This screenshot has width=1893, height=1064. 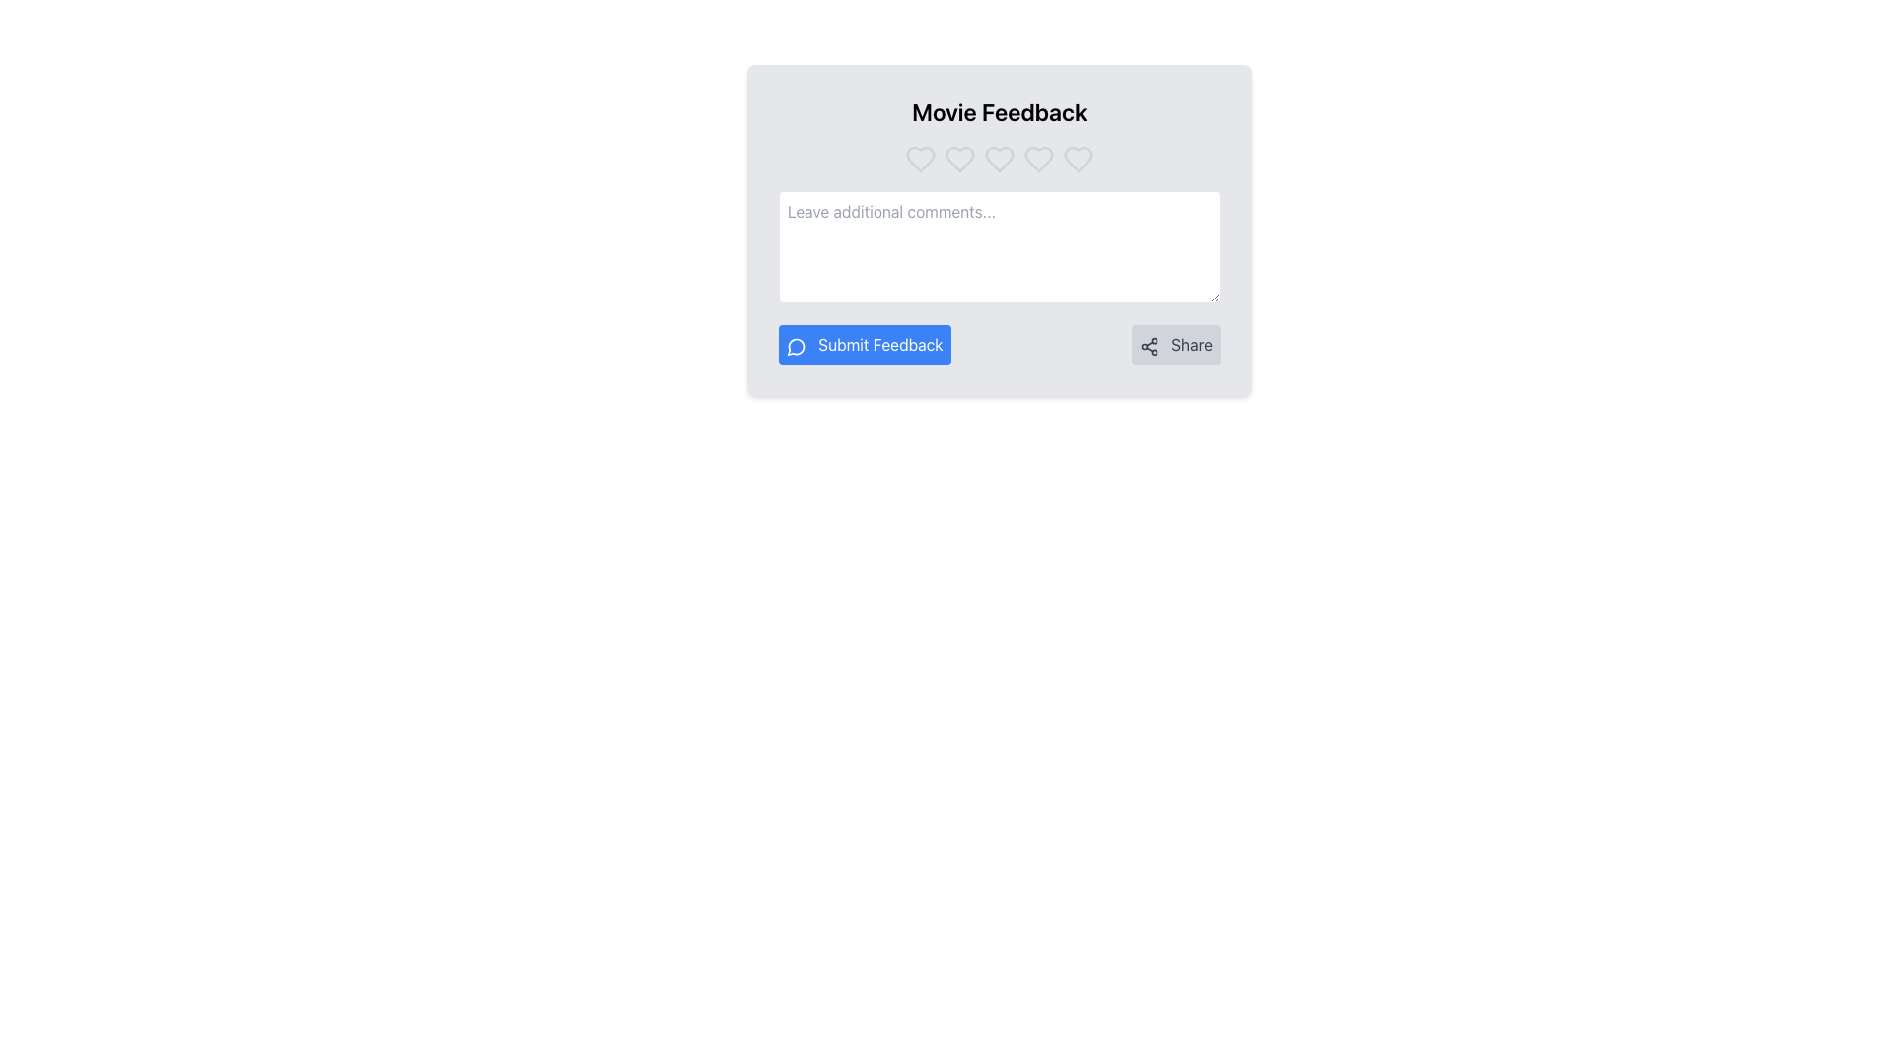 I want to click on the feedback submission button using keyboard navigation, so click(x=865, y=344).